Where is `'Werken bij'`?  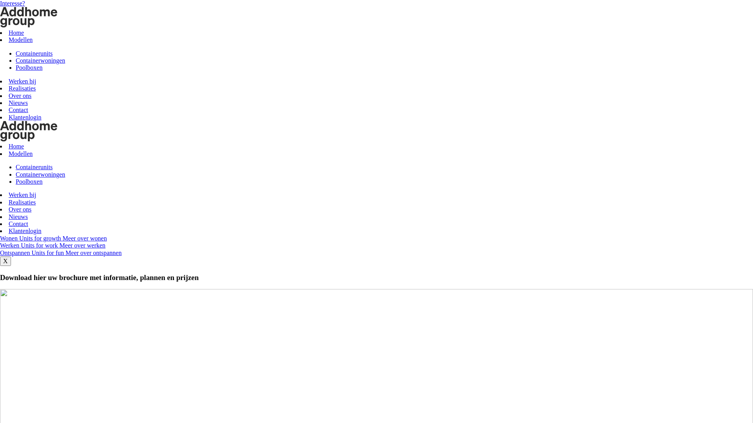 'Werken bij' is located at coordinates (22, 81).